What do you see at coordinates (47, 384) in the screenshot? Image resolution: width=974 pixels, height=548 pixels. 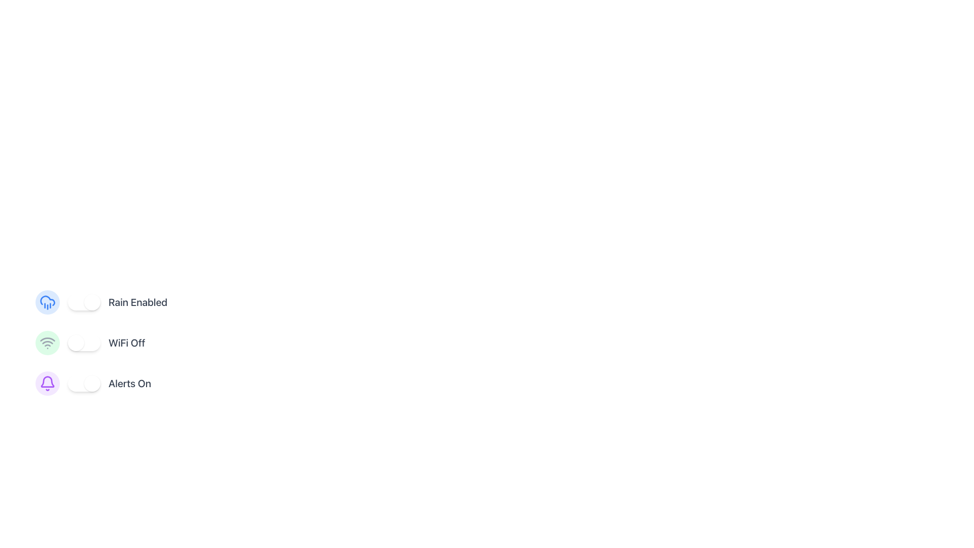 I see `the alerts notification icon located at the leftmost position of the horizontal layout containing a toggle switch and a text label 'Alerts On'` at bounding box center [47, 384].